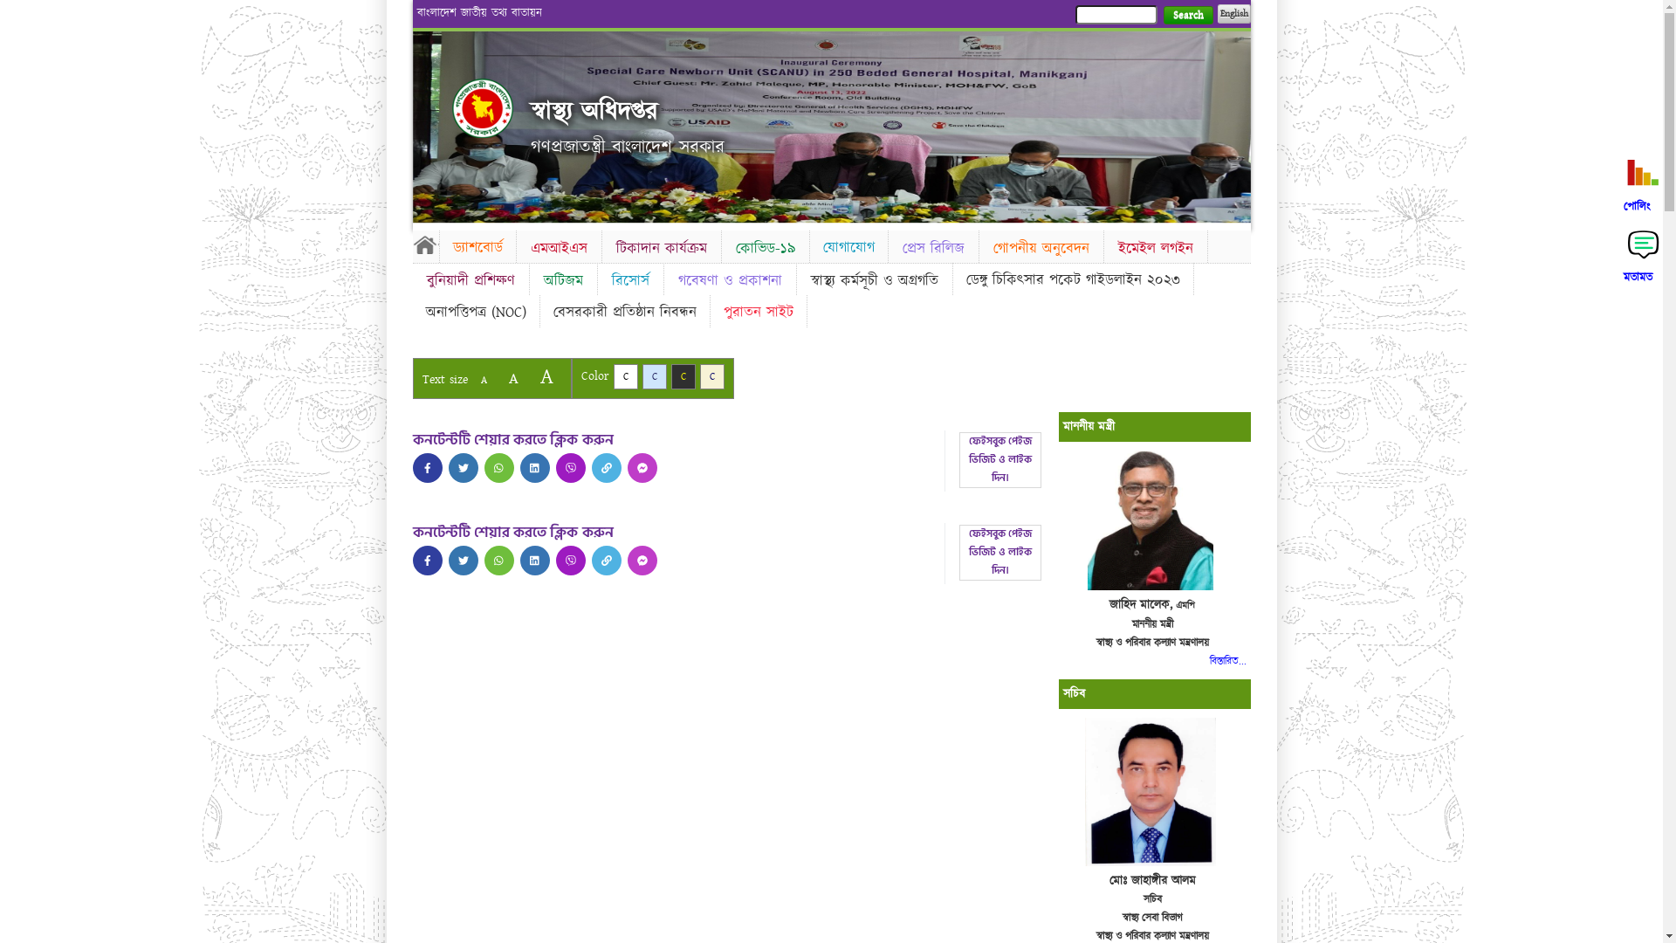  What do you see at coordinates (1232, 13) in the screenshot?
I see `'English'` at bounding box center [1232, 13].